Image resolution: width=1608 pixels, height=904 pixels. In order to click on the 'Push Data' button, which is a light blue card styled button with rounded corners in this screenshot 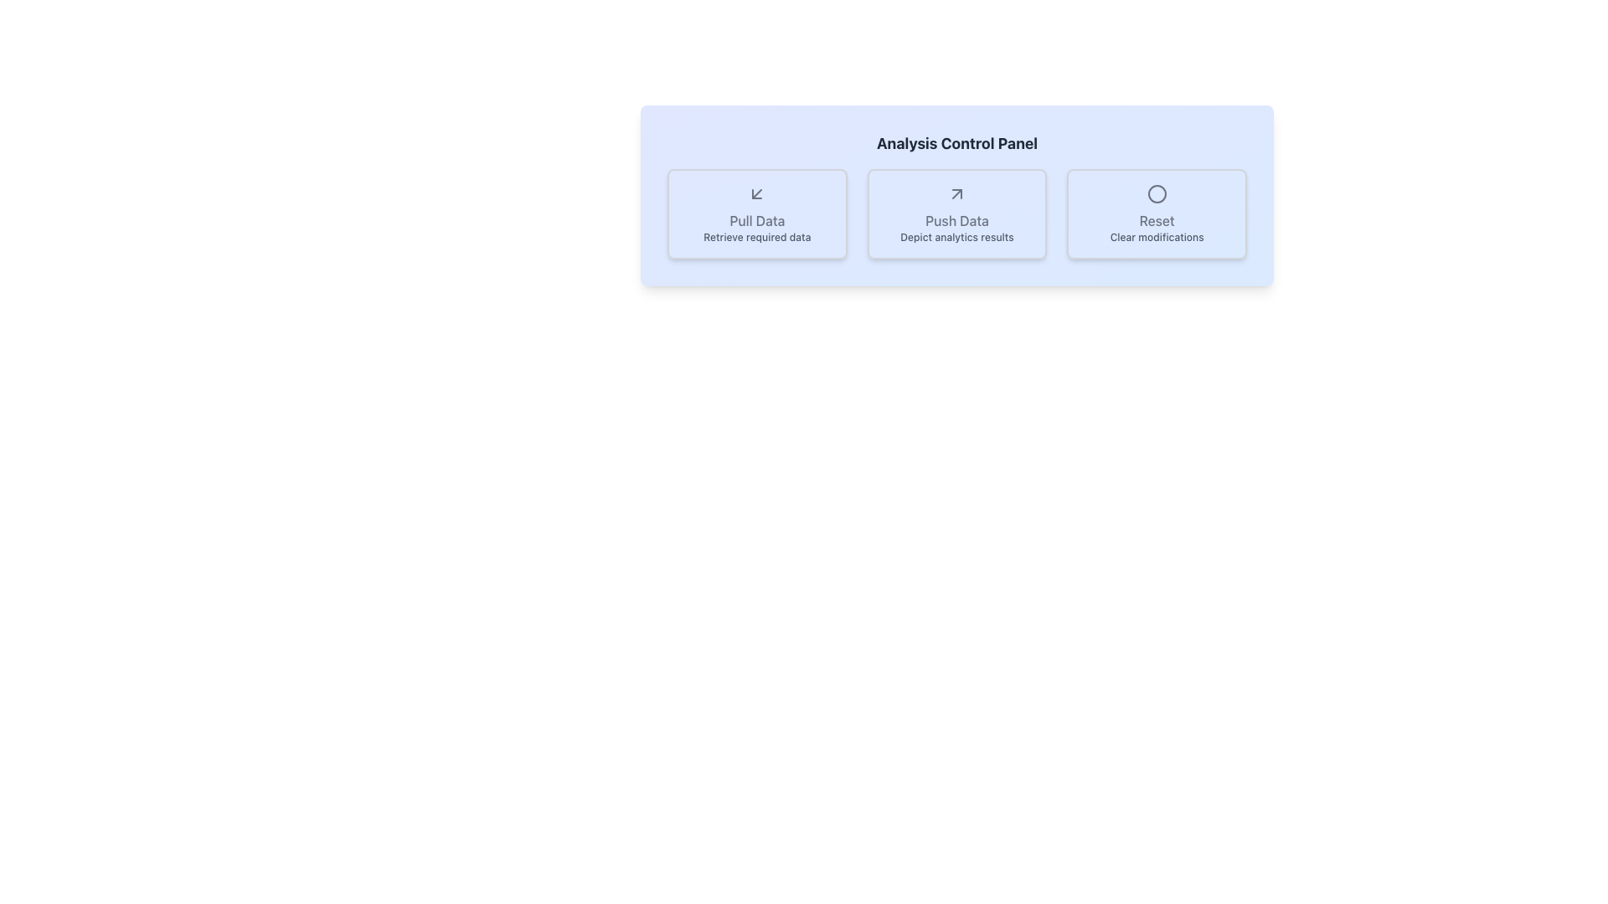, I will do `click(956, 213)`.